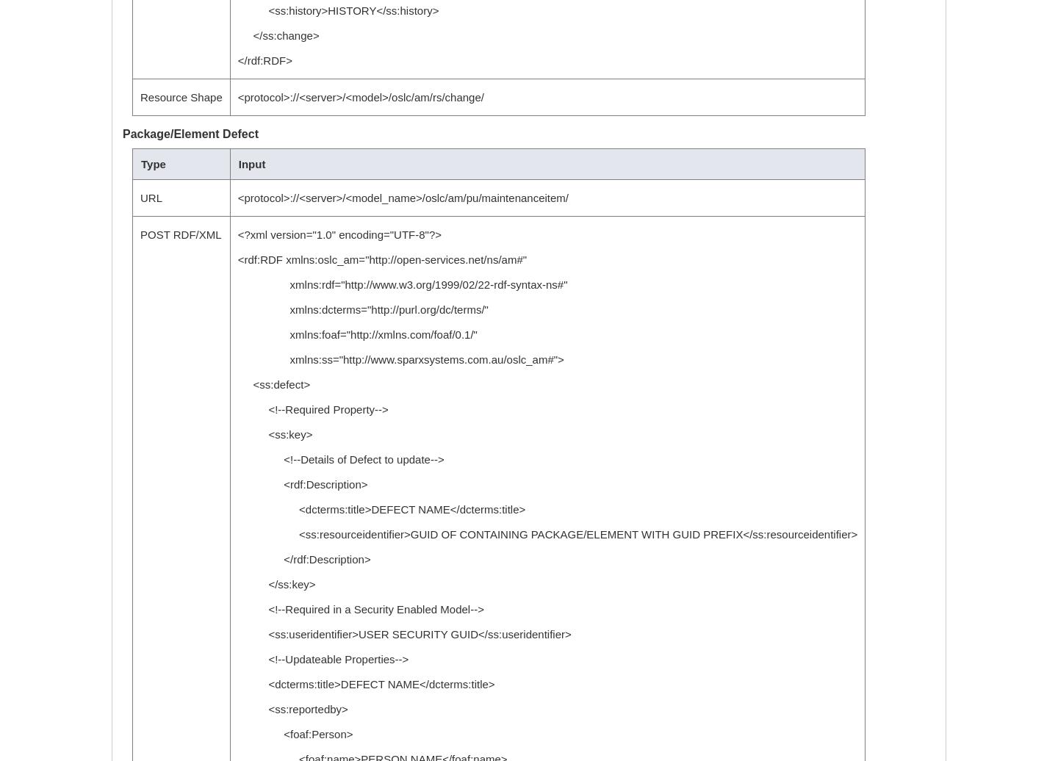  Describe the element at coordinates (403, 634) in the screenshot. I see `'<ss:useridentifier>USER SECURITY GUID</ss:useridentifier>'` at that location.